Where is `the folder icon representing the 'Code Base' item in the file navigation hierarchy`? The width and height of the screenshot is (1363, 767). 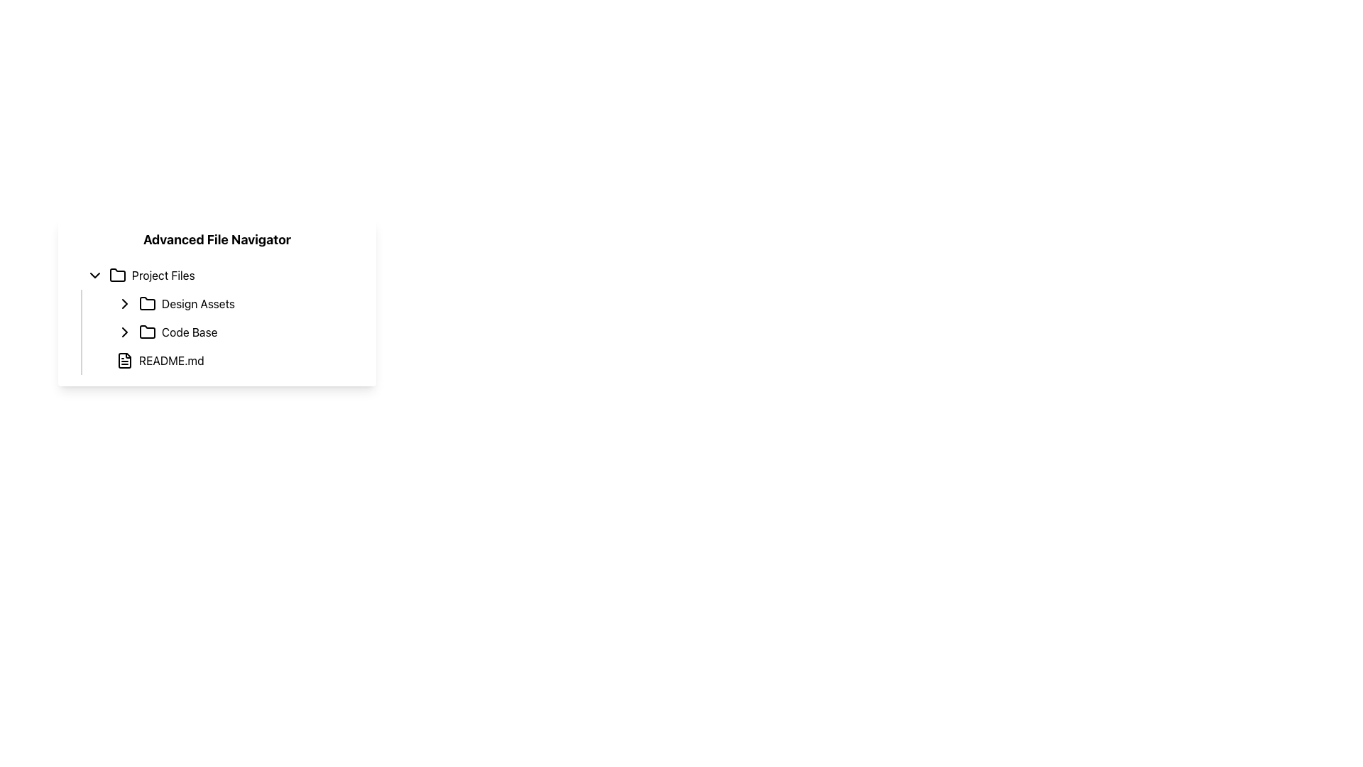
the folder icon representing the 'Code Base' item in the file navigation hierarchy is located at coordinates (147, 332).